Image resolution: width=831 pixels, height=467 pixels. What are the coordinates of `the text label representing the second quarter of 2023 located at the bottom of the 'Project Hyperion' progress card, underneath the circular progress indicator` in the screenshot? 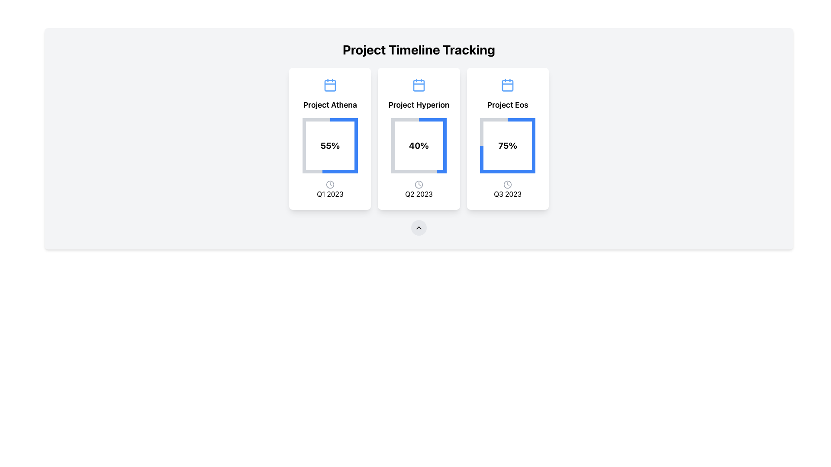 It's located at (419, 193).